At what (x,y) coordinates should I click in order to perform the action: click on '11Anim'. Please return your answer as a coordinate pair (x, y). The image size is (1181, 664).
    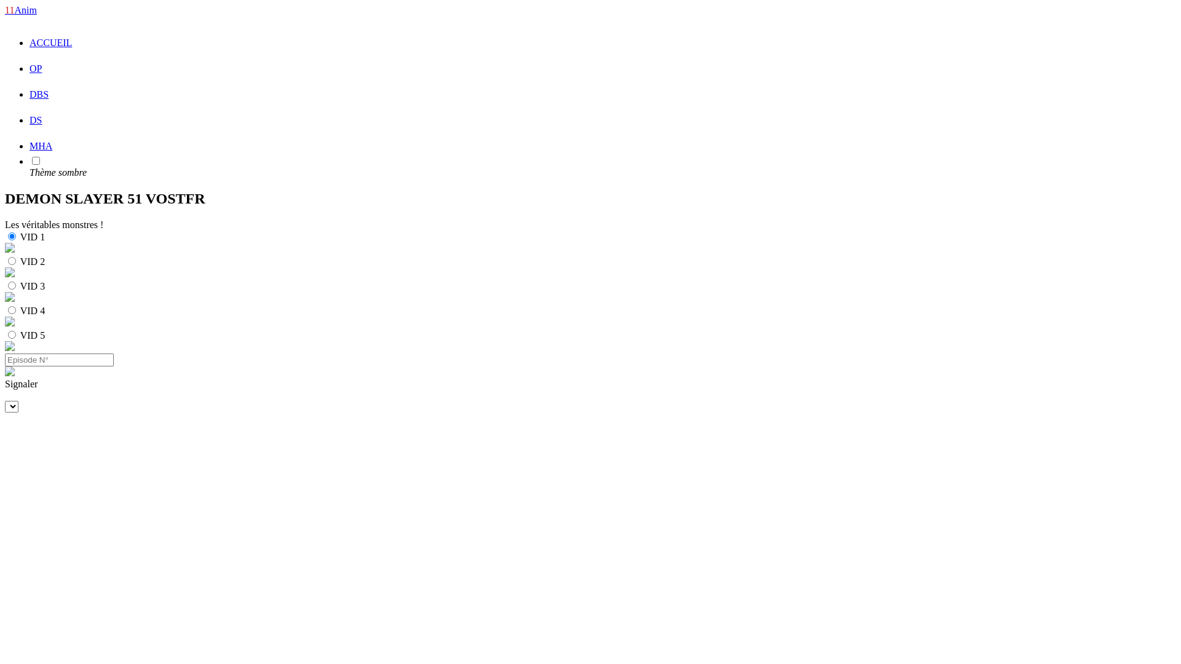
    Looking at the image, I should click on (20, 10).